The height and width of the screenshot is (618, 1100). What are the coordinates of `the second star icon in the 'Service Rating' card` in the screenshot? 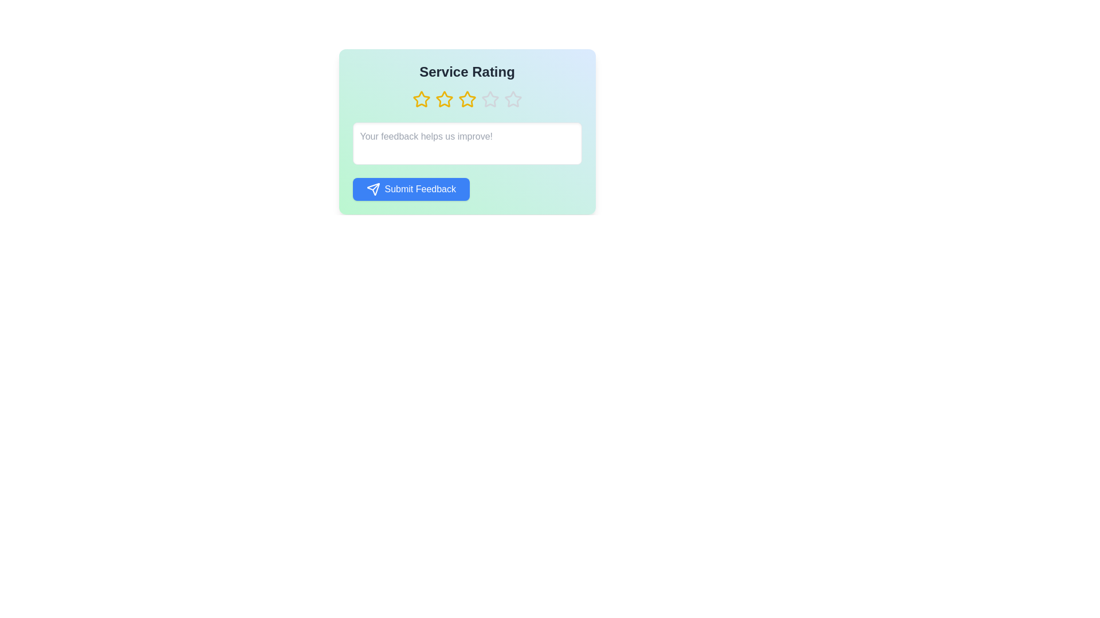 It's located at (421, 98).